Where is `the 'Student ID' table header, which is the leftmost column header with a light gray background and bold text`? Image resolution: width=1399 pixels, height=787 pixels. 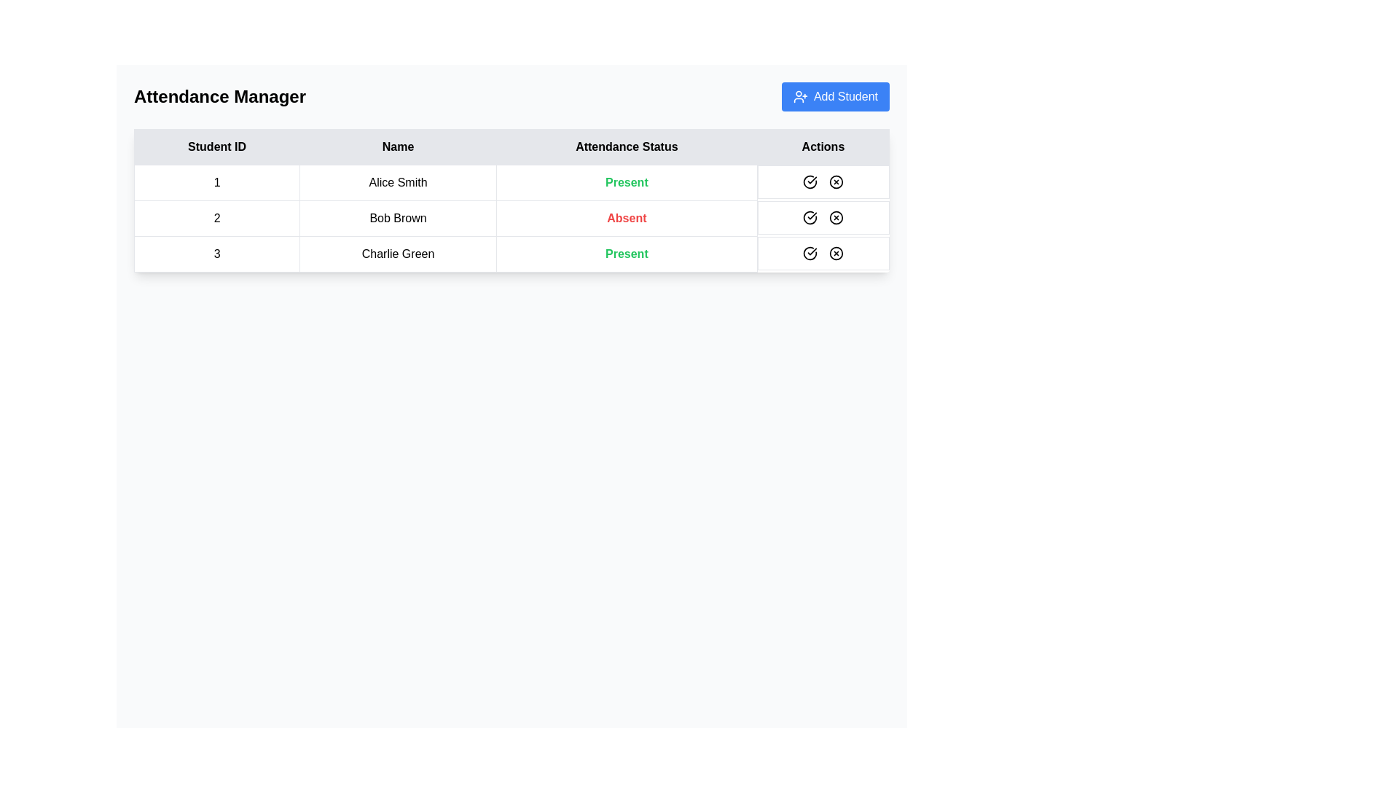
the 'Student ID' table header, which is the leftmost column header with a light gray background and bold text is located at coordinates (216, 146).